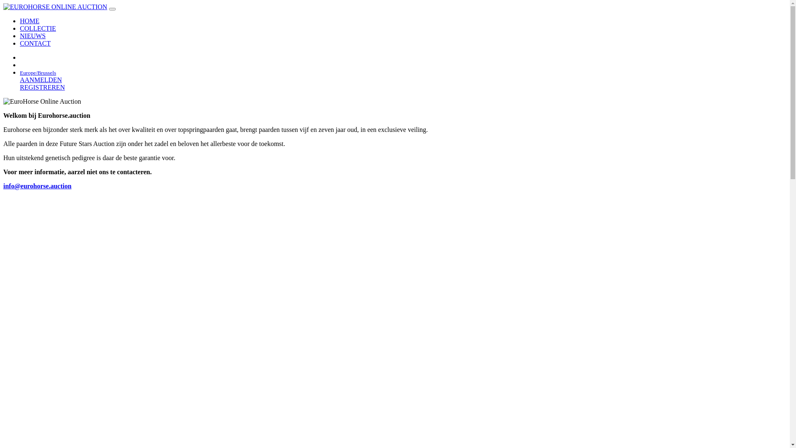 The width and height of the screenshot is (796, 448). What do you see at coordinates (37, 72) in the screenshot?
I see `'Europe/Brussels'` at bounding box center [37, 72].